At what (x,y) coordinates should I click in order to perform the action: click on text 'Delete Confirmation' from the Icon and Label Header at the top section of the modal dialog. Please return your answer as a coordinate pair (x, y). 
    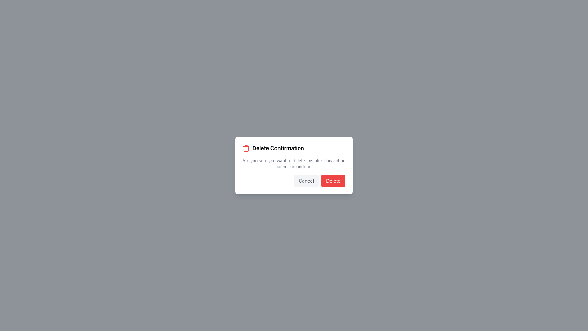
    Looking at the image, I should click on (294, 148).